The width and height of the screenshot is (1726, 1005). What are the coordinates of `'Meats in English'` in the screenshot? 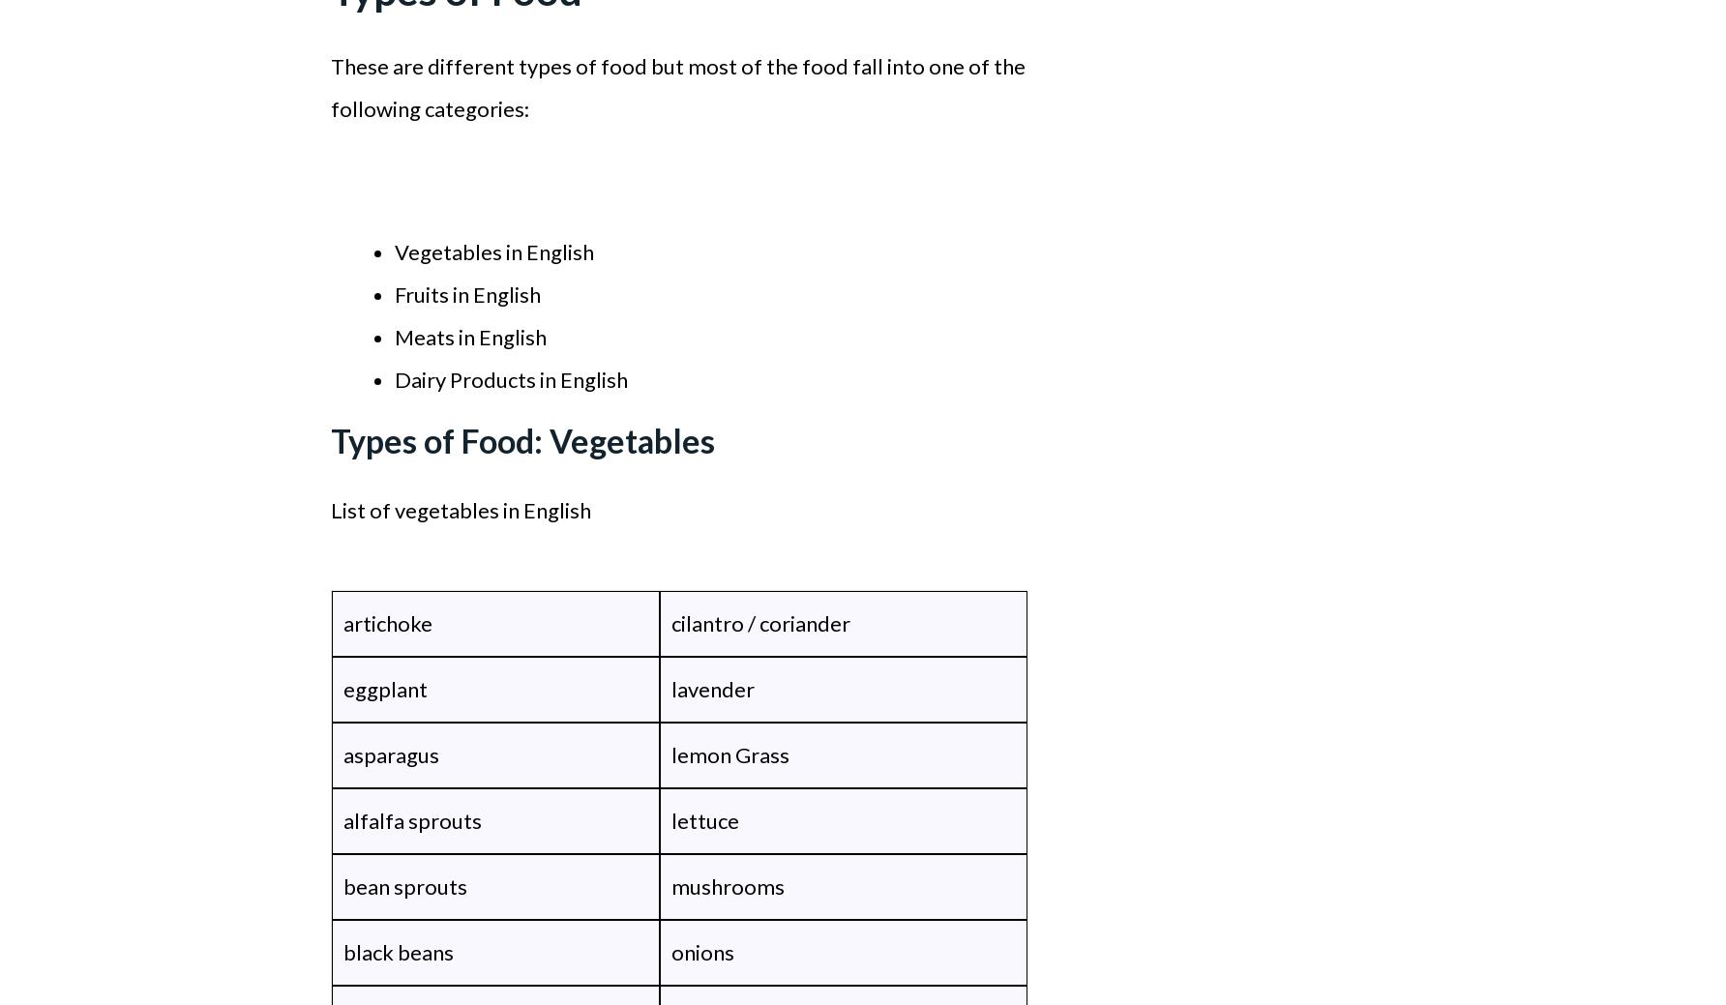 It's located at (470, 336).